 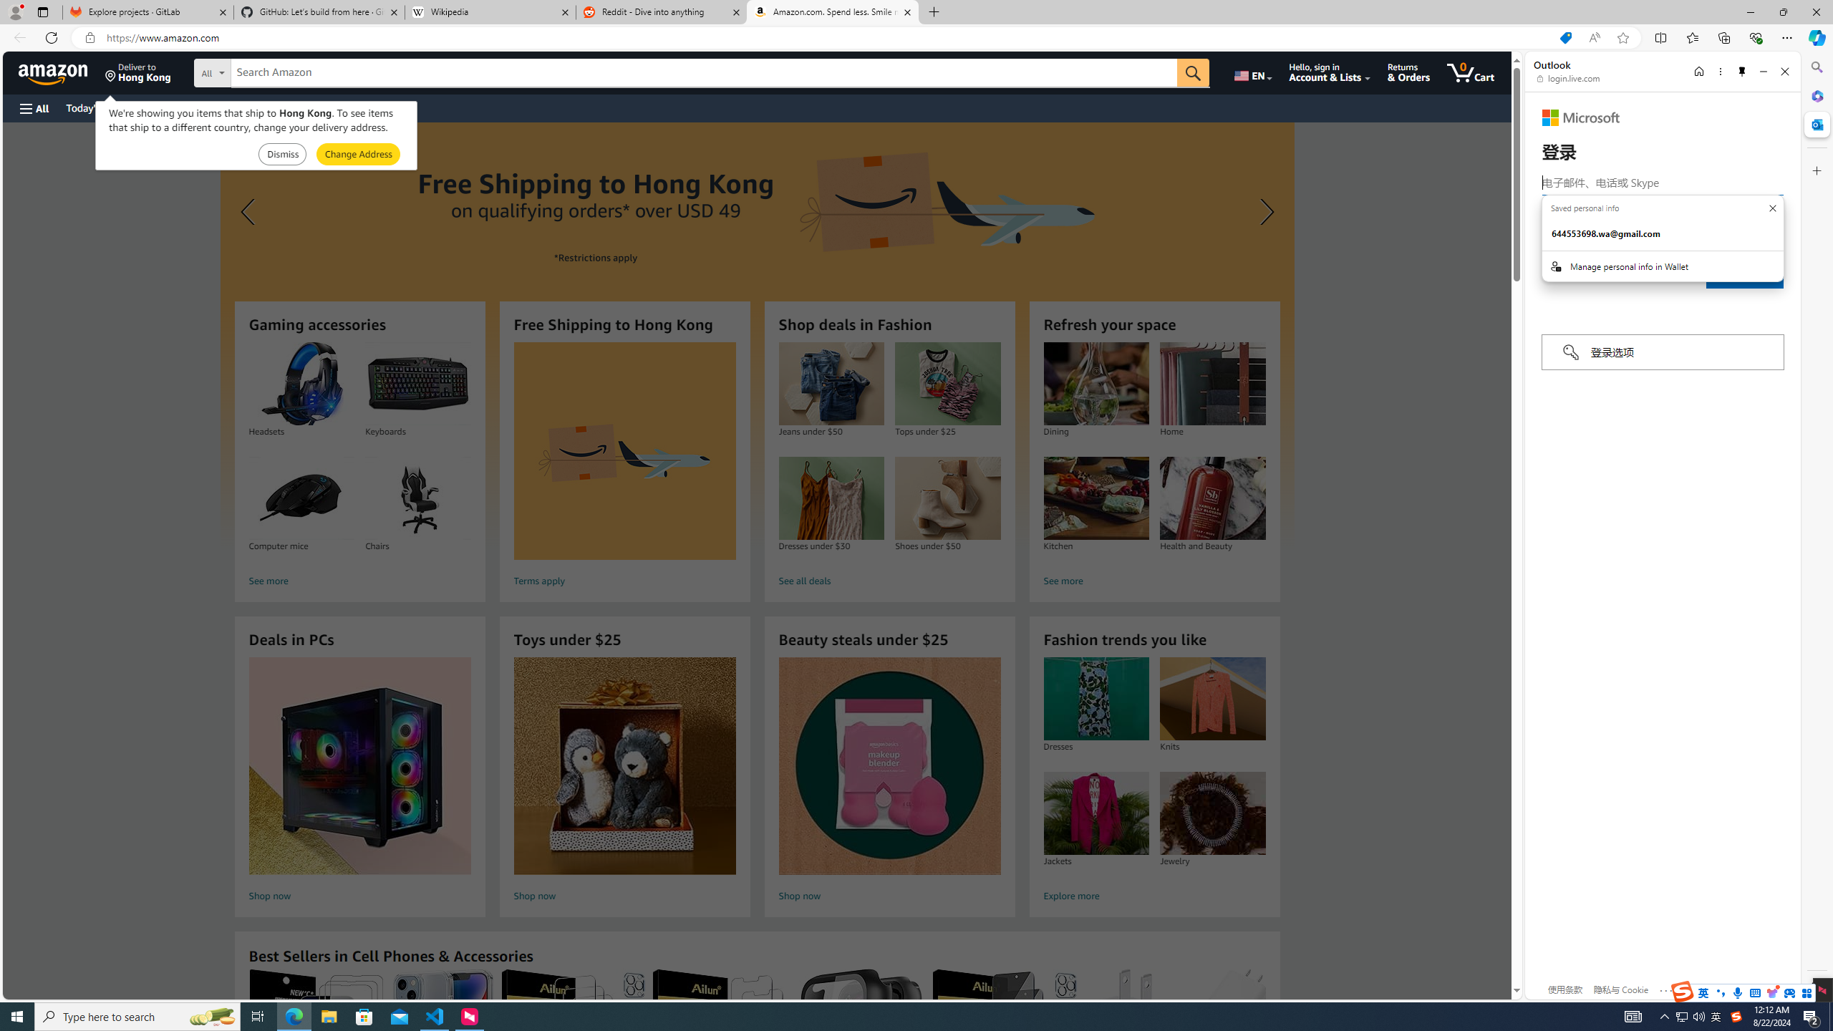 I want to click on 'Keyboards', so click(x=417, y=384).